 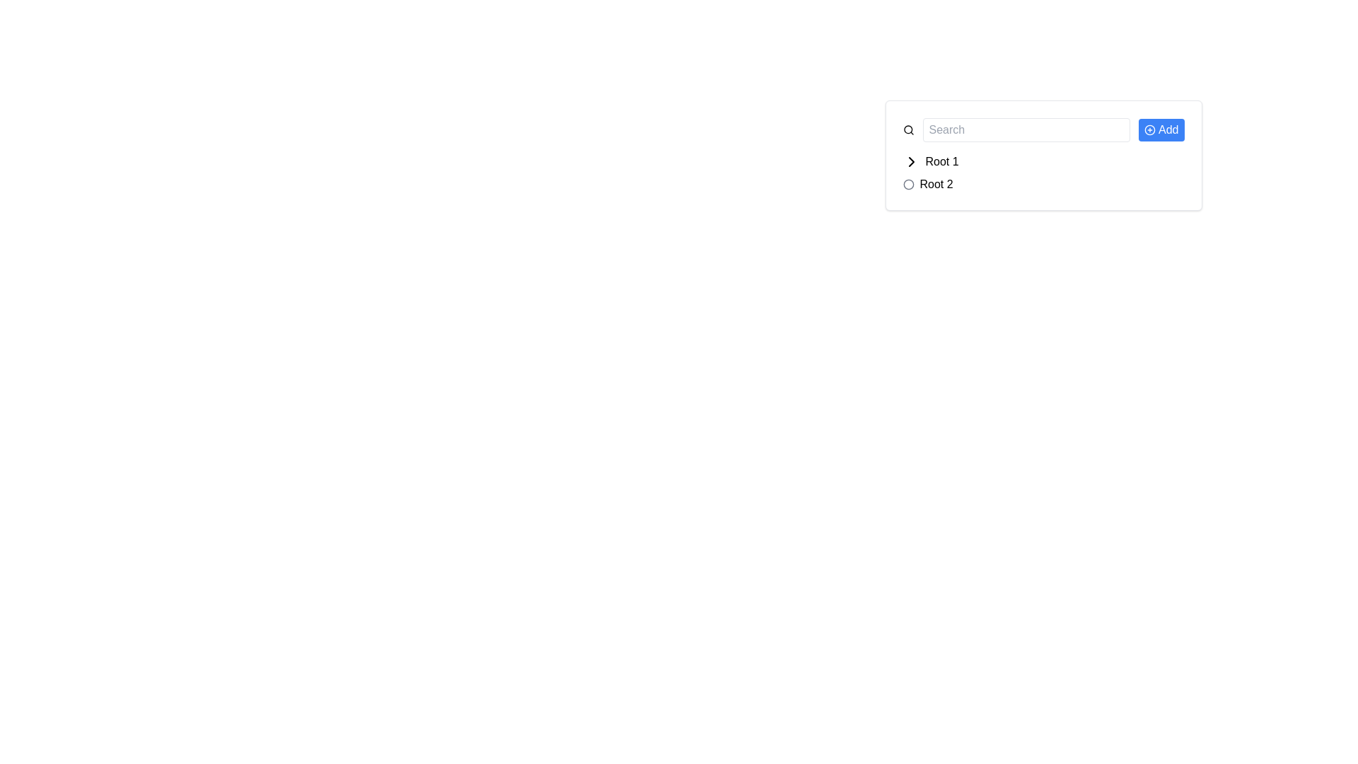 What do you see at coordinates (1168, 130) in the screenshot?
I see `the blue rectangular button at the top-right corner of the interactive panel that contains the text label 'Add' in white color` at bounding box center [1168, 130].